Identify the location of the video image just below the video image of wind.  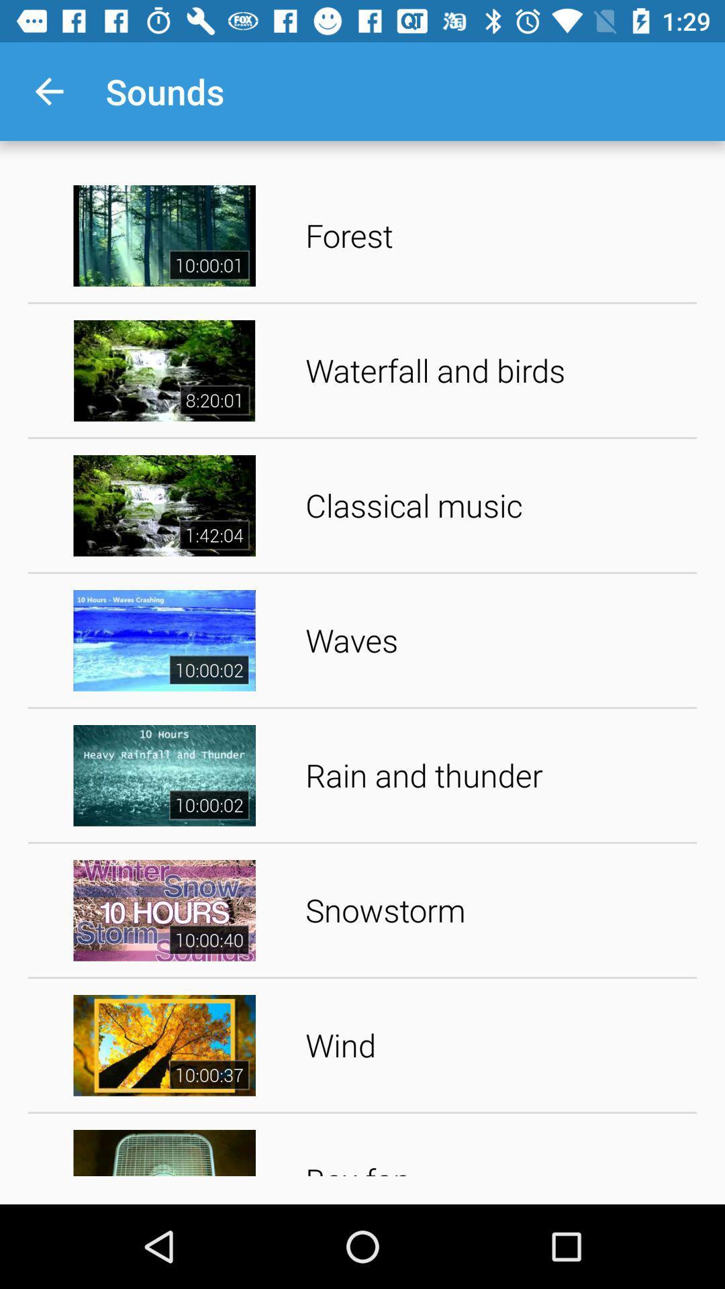
(164, 1149).